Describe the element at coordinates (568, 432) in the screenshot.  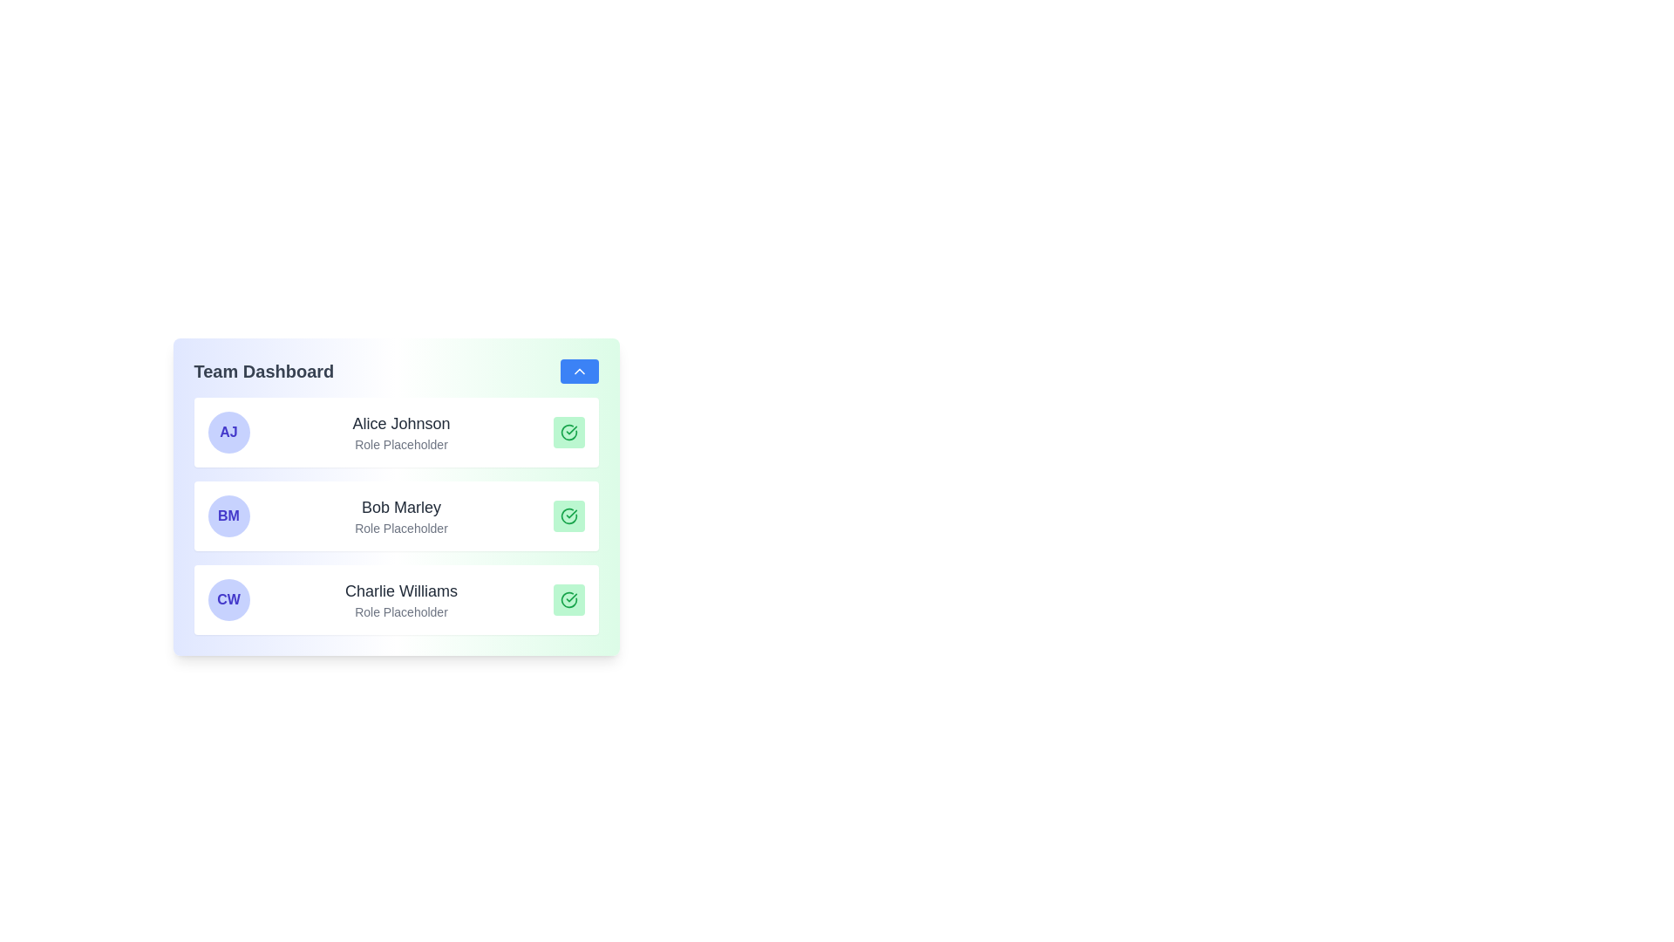
I see `the circular icon with a green outline and check mark, located in the first row of the dashboard list next to 'Alice Johnson, Role Placeholder'` at that location.